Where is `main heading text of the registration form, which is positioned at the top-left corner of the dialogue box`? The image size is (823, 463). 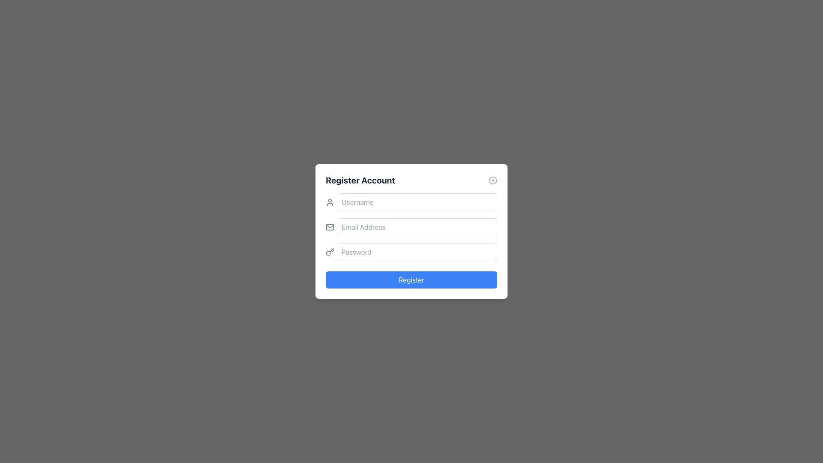
main heading text of the registration form, which is positioned at the top-left corner of the dialogue box is located at coordinates (360, 180).